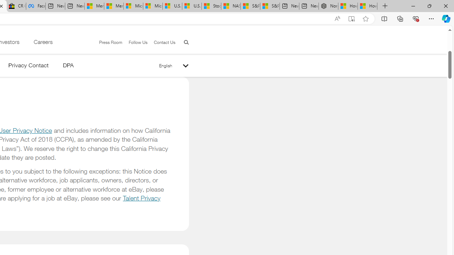 This screenshot has width=454, height=255. I want to click on 'Privacy Contact', so click(28, 67).